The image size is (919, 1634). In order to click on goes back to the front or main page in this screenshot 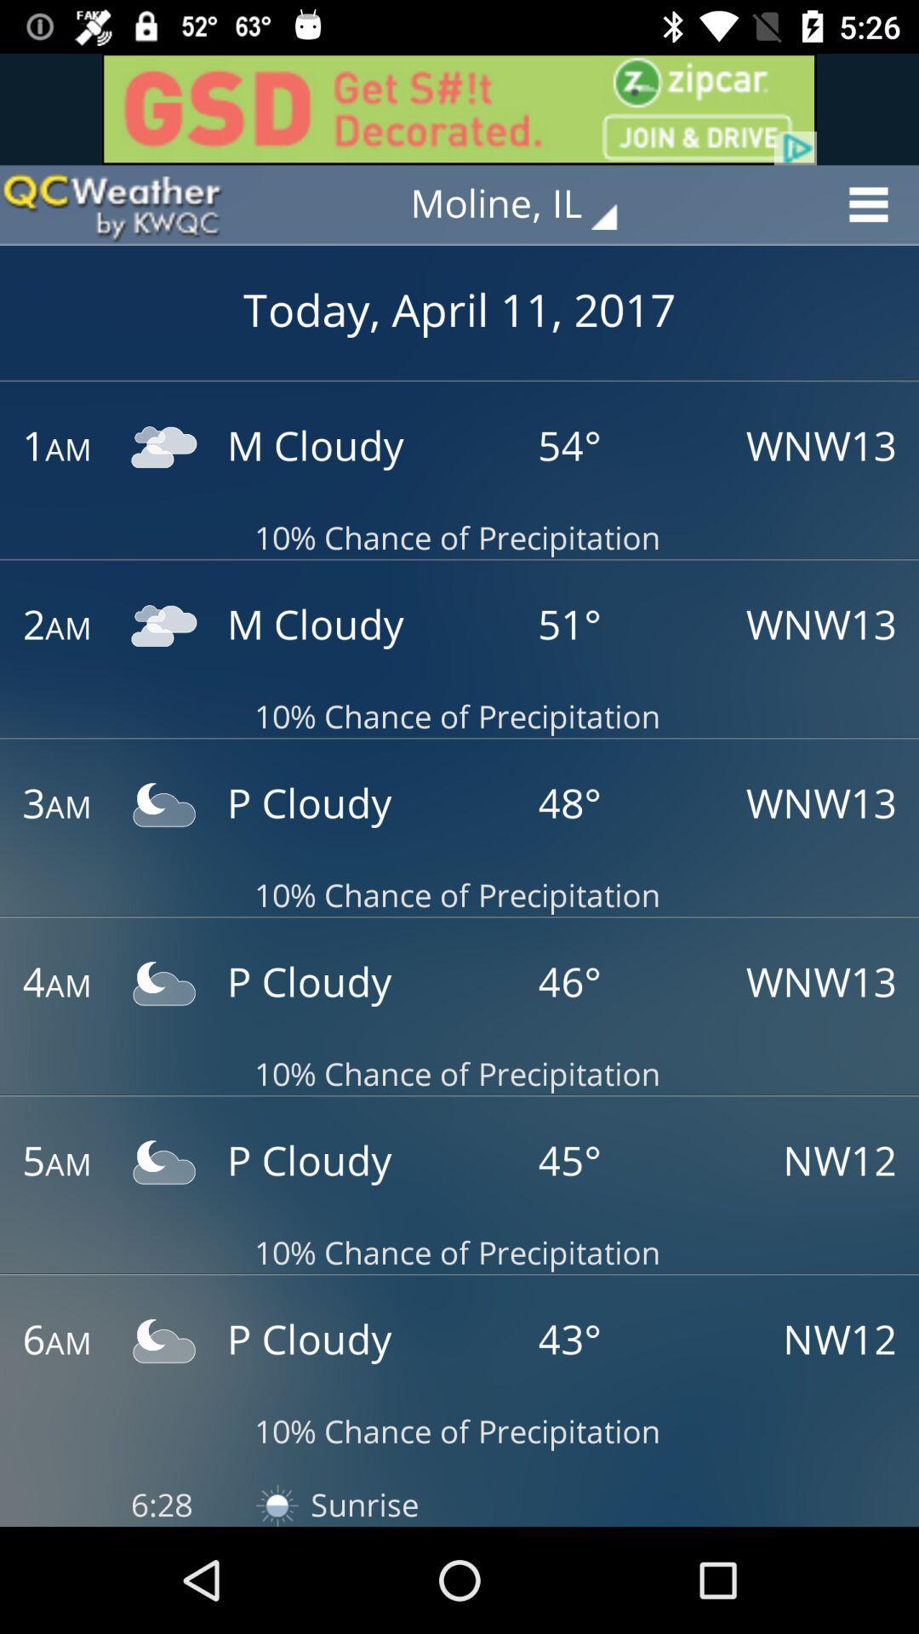, I will do `click(111, 204)`.